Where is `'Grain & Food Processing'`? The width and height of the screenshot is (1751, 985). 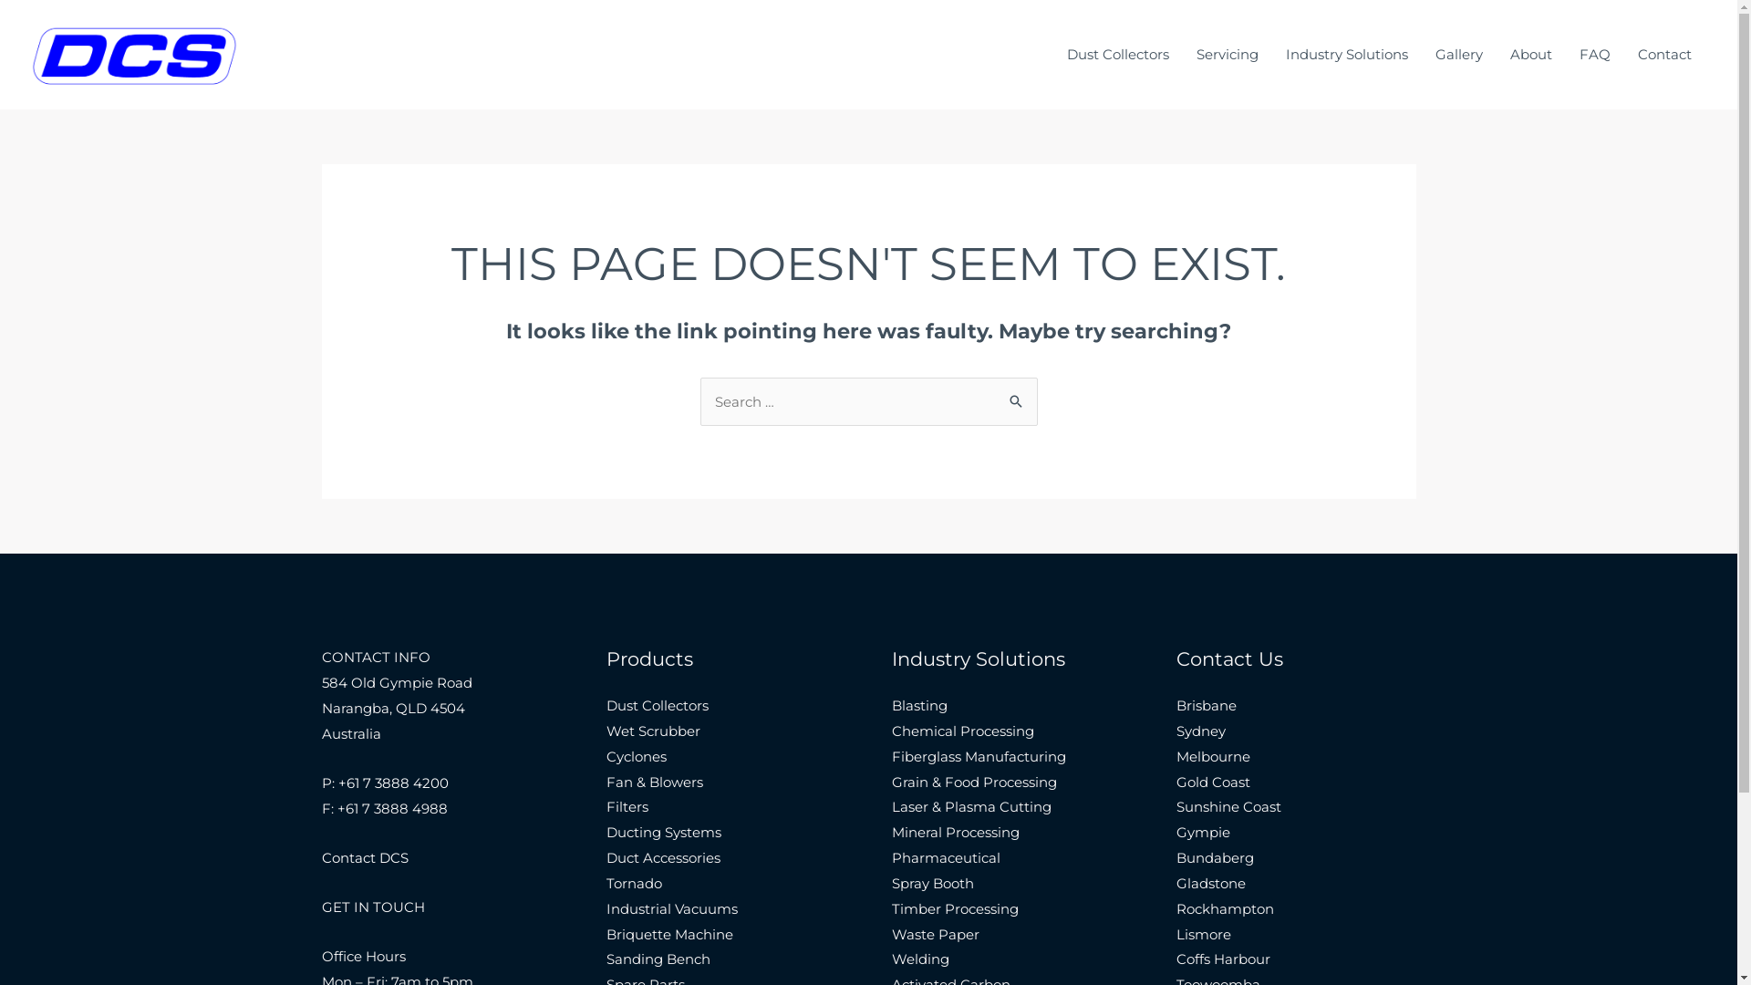 'Grain & Food Processing' is located at coordinates (973, 781).